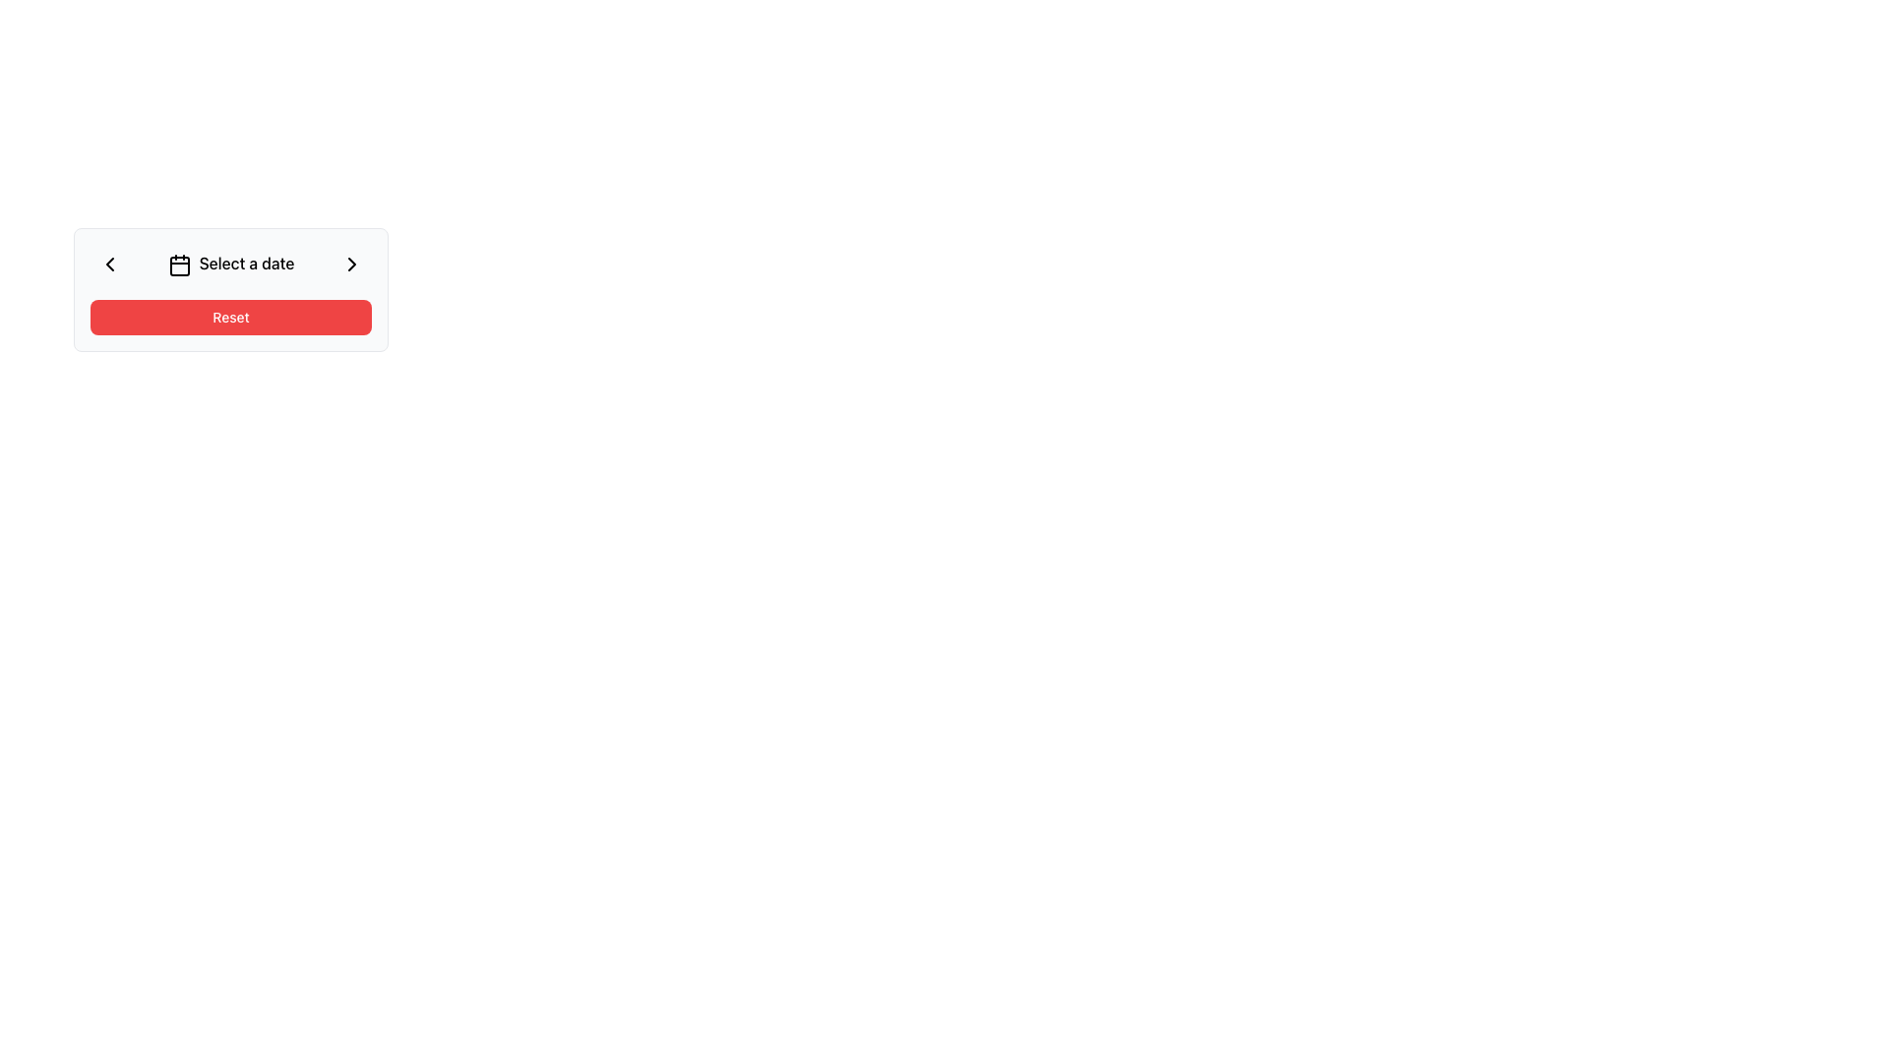 This screenshot has width=1889, height=1062. Describe the element at coordinates (179, 264) in the screenshot. I see `the date selection icon located to the left of the text 'Select a date', which serves as a visual indicator for opening a calendar view` at that location.